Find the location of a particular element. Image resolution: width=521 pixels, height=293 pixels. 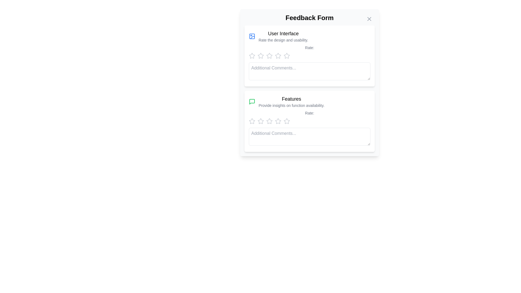

the fifth star in the interactive star rating icon to rate the 'User Interface' is located at coordinates (278, 56).